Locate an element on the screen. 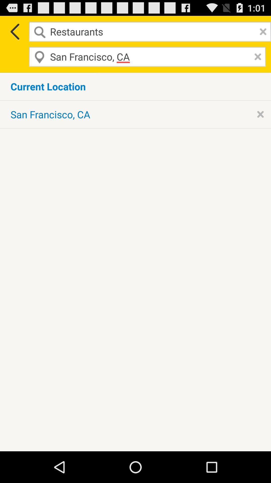 This screenshot has height=483, width=271. the arrow_backward icon is located at coordinates (14, 33).